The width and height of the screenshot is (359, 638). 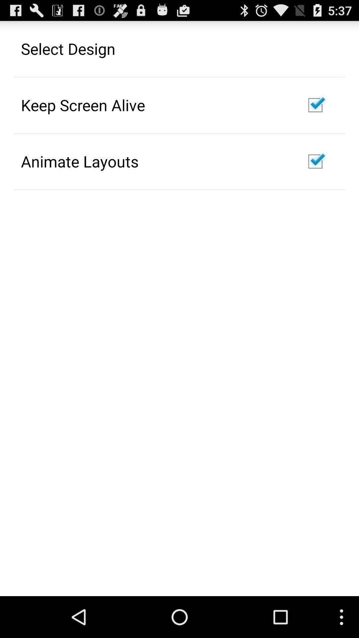 What do you see at coordinates (79, 161) in the screenshot?
I see `animate layouts item` at bounding box center [79, 161].